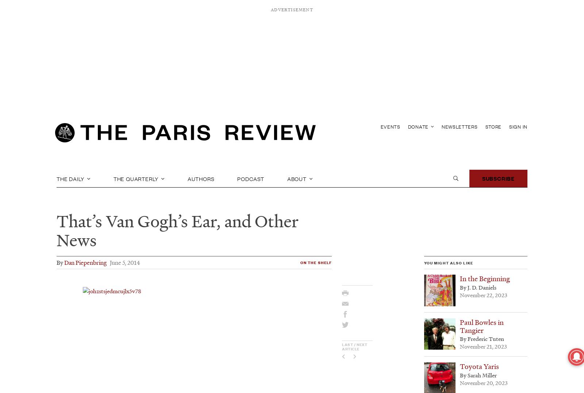 This screenshot has width=584, height=393. I want to click on 'Toyota Yaris', so click(479, 366).